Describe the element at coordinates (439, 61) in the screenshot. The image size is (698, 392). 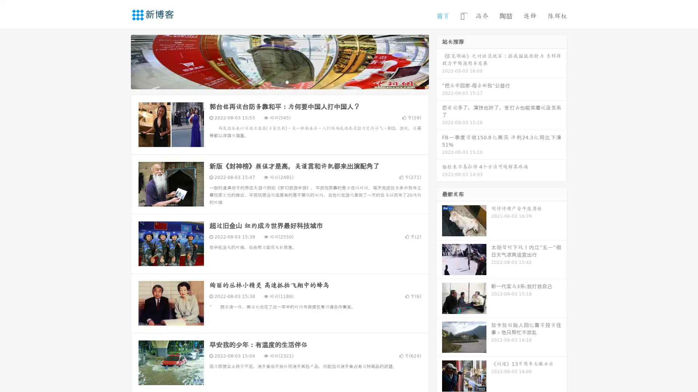
I see `Next slide` at that location.